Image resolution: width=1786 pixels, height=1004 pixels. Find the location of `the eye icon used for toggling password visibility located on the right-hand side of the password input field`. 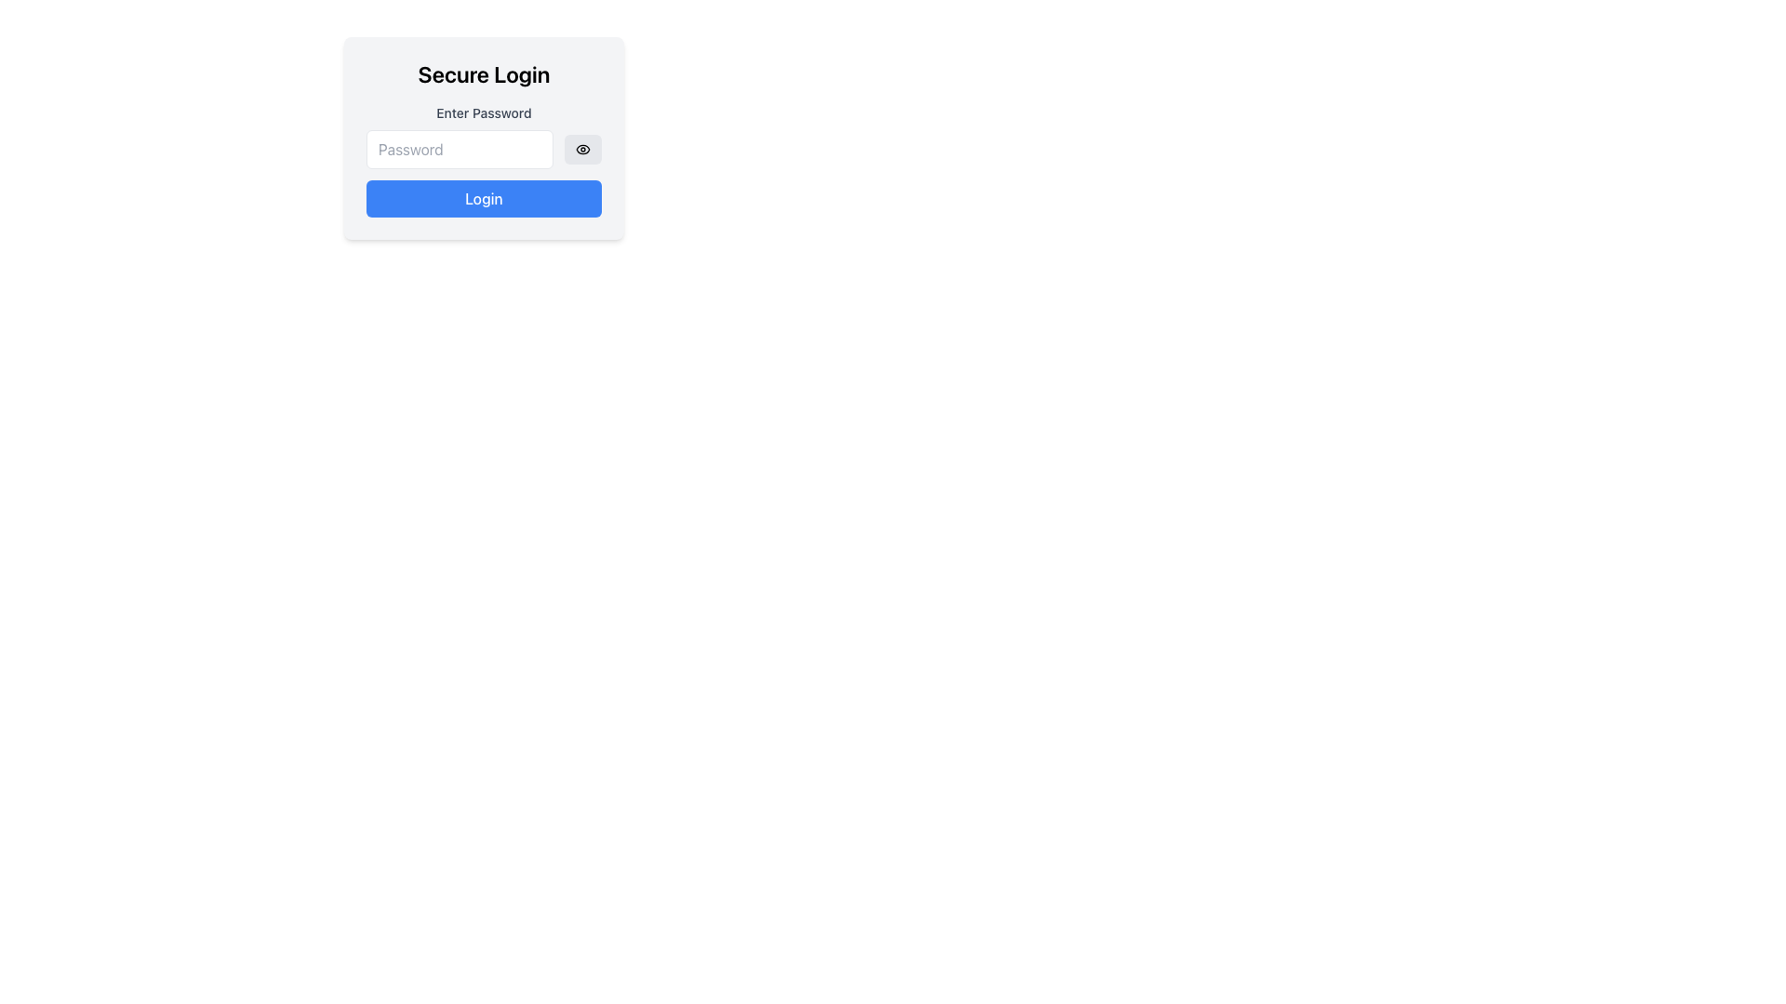

the eye icon used for toggling password visibility located on the right-hand side of the password input field is located at coordinates (582, 149).